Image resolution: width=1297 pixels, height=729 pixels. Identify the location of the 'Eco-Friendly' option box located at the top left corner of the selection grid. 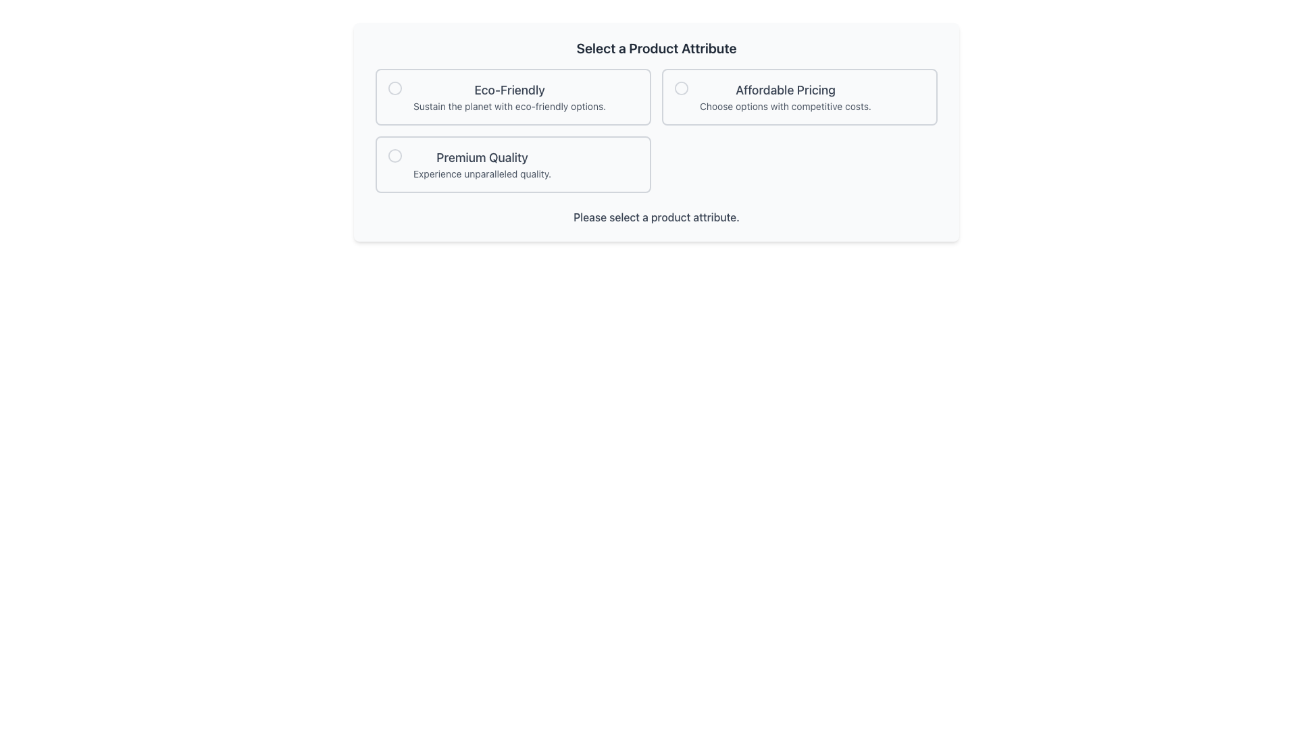
(512, 96).